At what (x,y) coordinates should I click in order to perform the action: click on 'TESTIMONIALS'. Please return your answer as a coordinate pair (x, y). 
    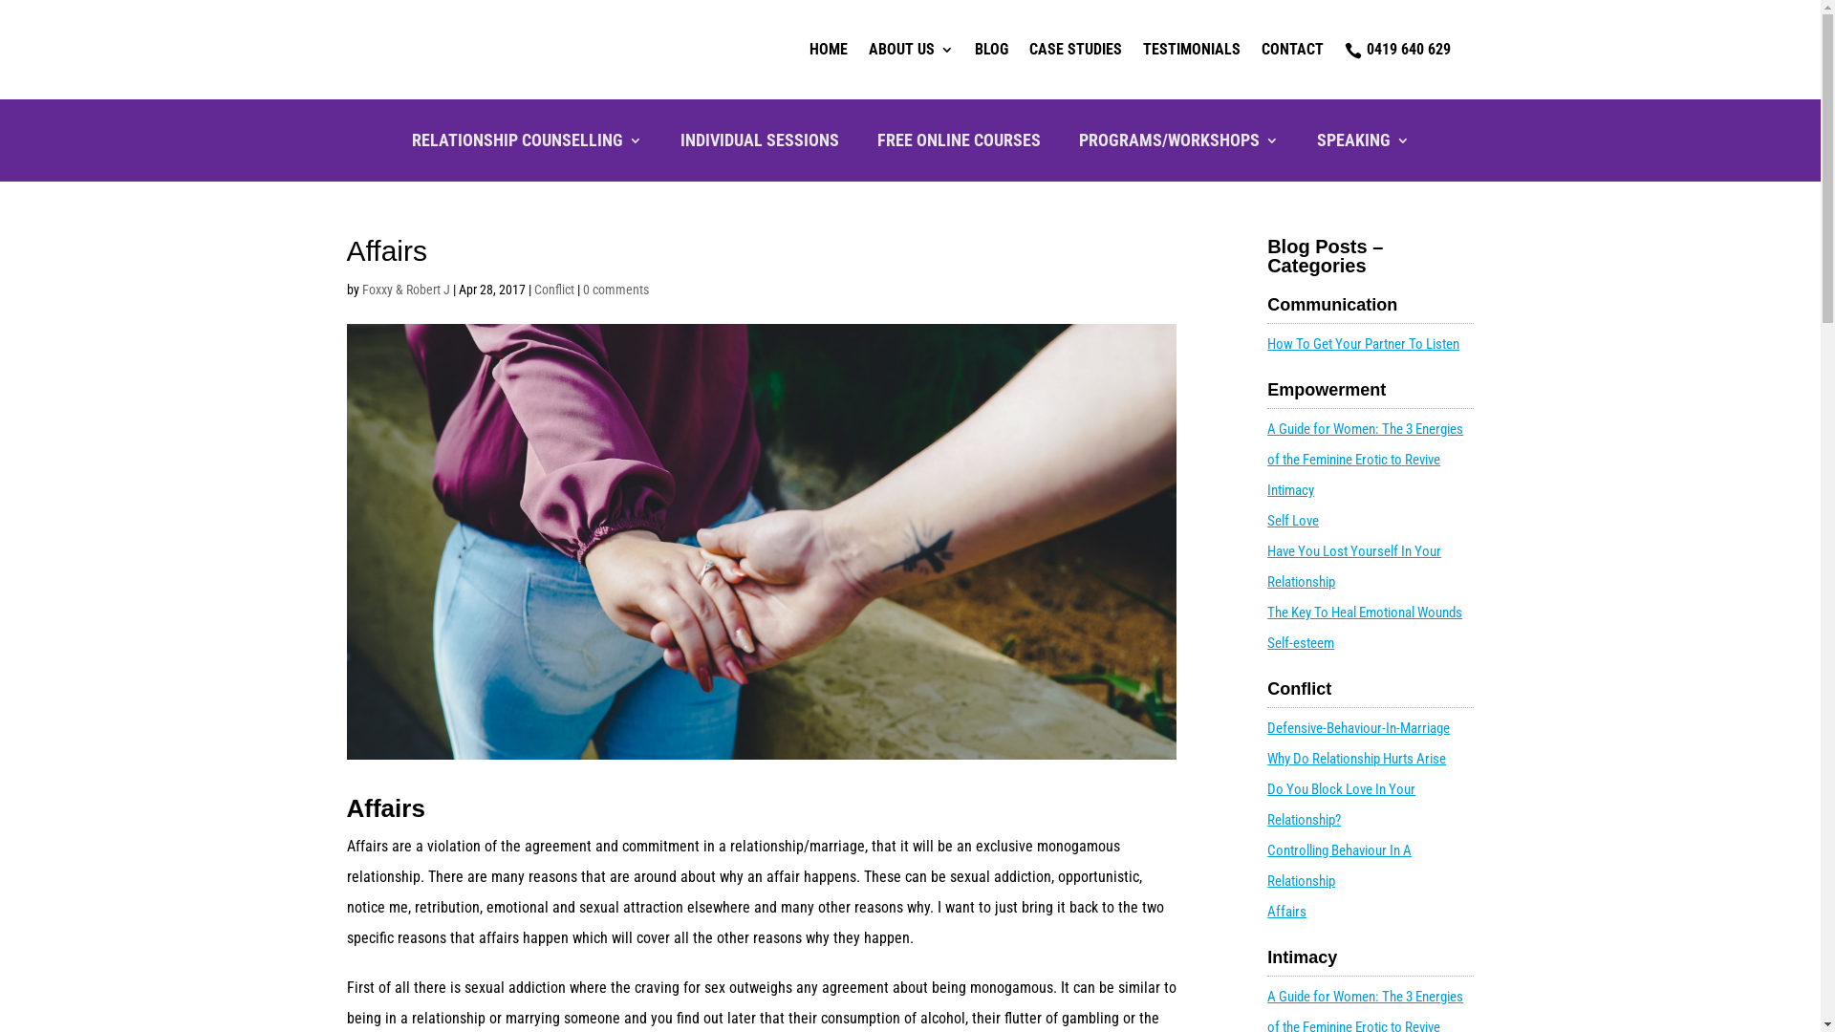
    Looking at the image, I should click on (1142, 48).